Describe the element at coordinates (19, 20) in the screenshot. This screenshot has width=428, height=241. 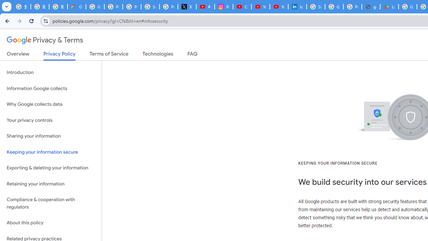
I see `'Forward'` at that location.